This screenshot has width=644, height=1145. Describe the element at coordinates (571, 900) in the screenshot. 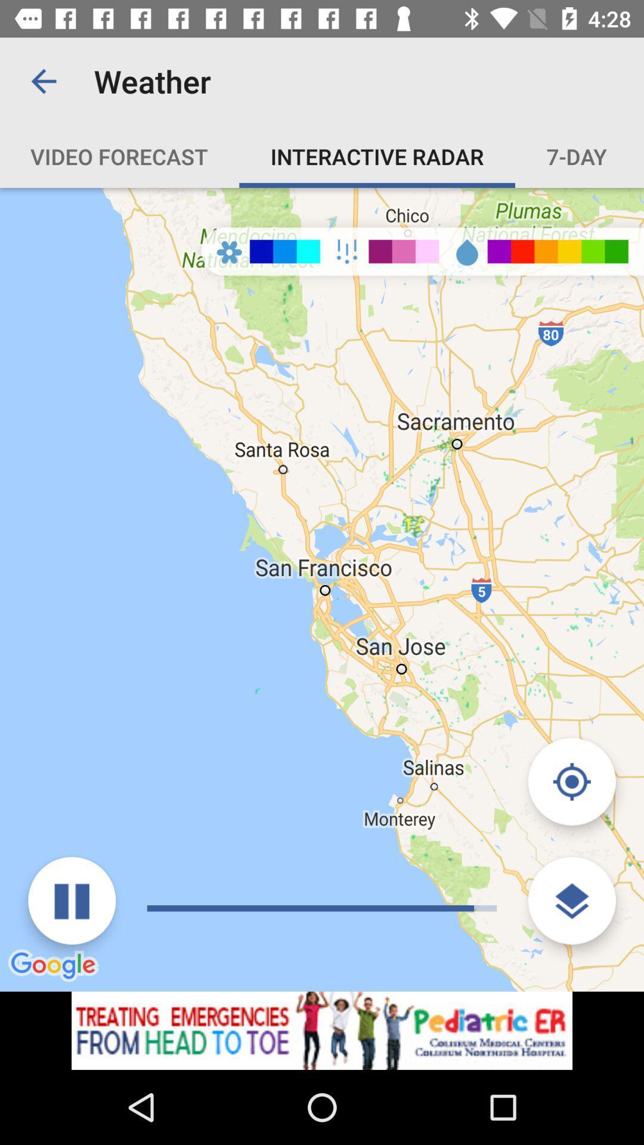

I see `change view` at that location.